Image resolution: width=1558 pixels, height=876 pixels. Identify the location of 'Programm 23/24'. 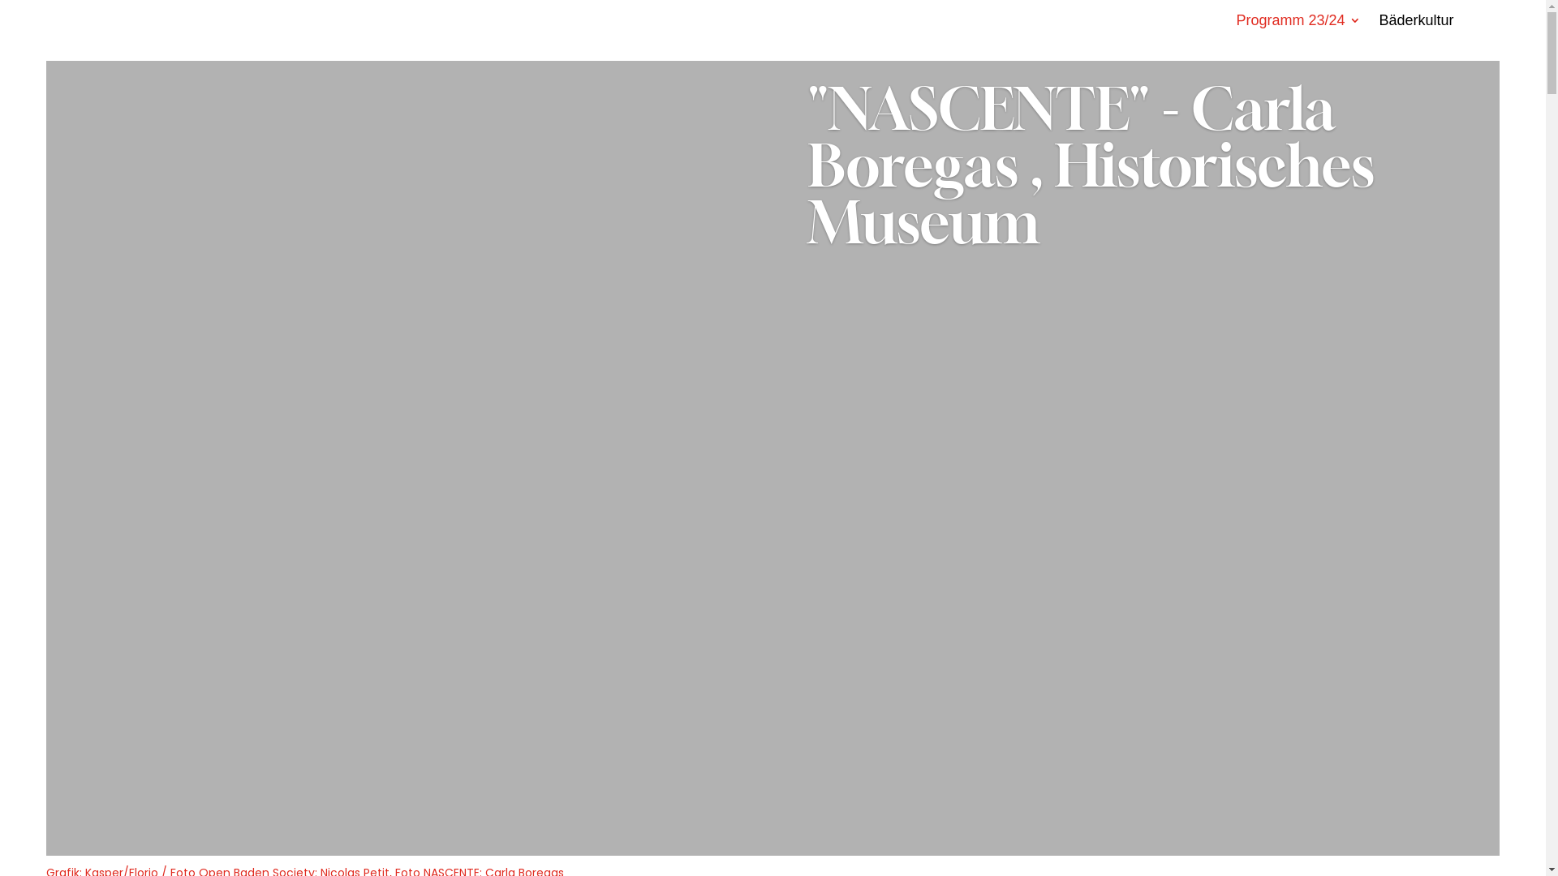
(1297, 24).